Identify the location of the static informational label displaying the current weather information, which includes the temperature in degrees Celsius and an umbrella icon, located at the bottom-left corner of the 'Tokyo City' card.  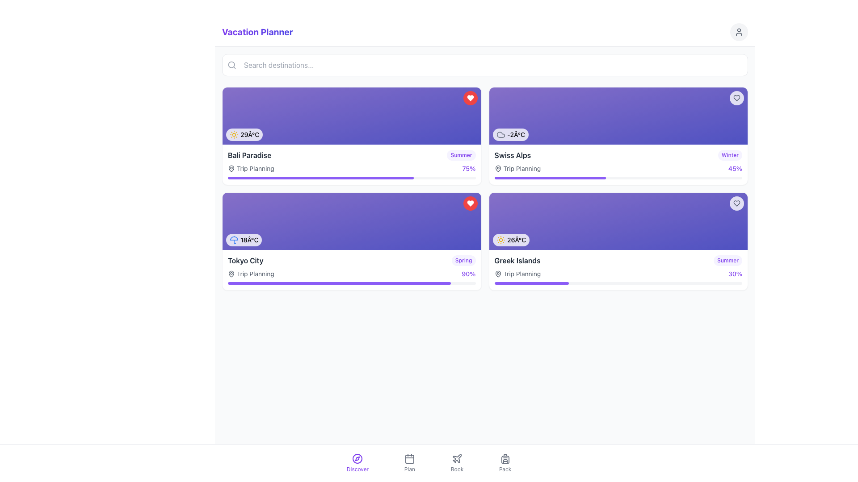
(244, 239).